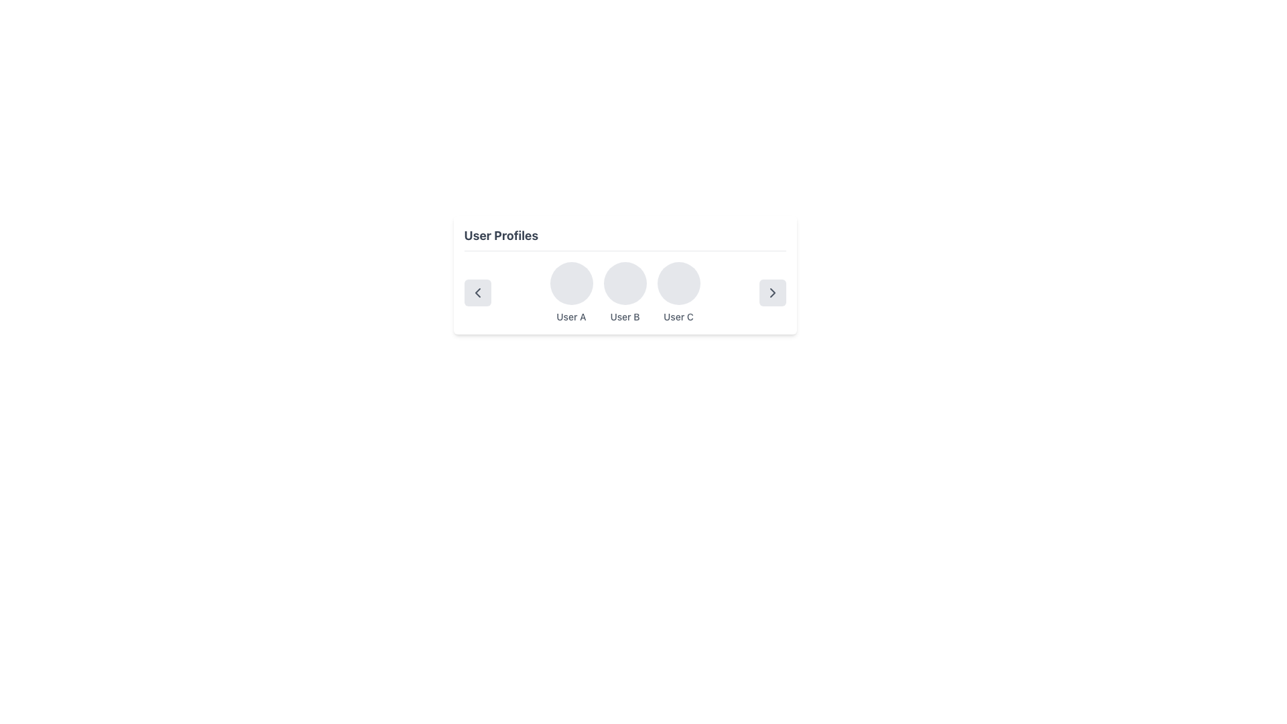 The image size is (1287, 724). Describe the element at coordinates (624, 292) in the screenshot. I see `profile icon and user name label for 'User B', which is the second element in a horizontal grouping of user profiles, using assistive tools` at that location.